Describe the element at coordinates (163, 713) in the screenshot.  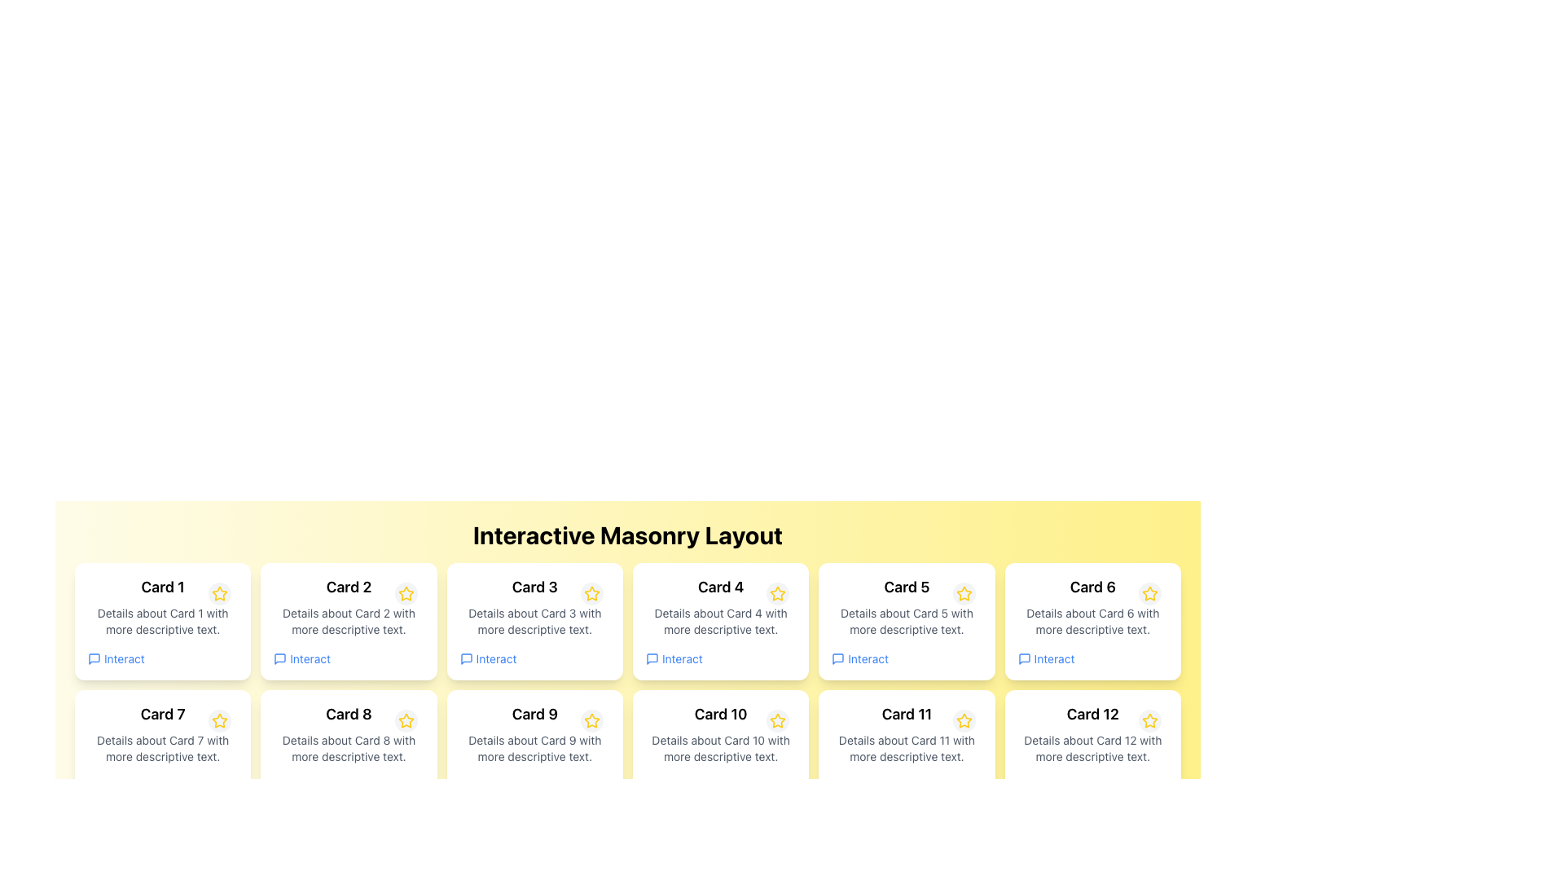
I see `the text element displaying 'Card 7' which is styled as a bold title within a card layout, located in the bottom row of the card grid` at that location.